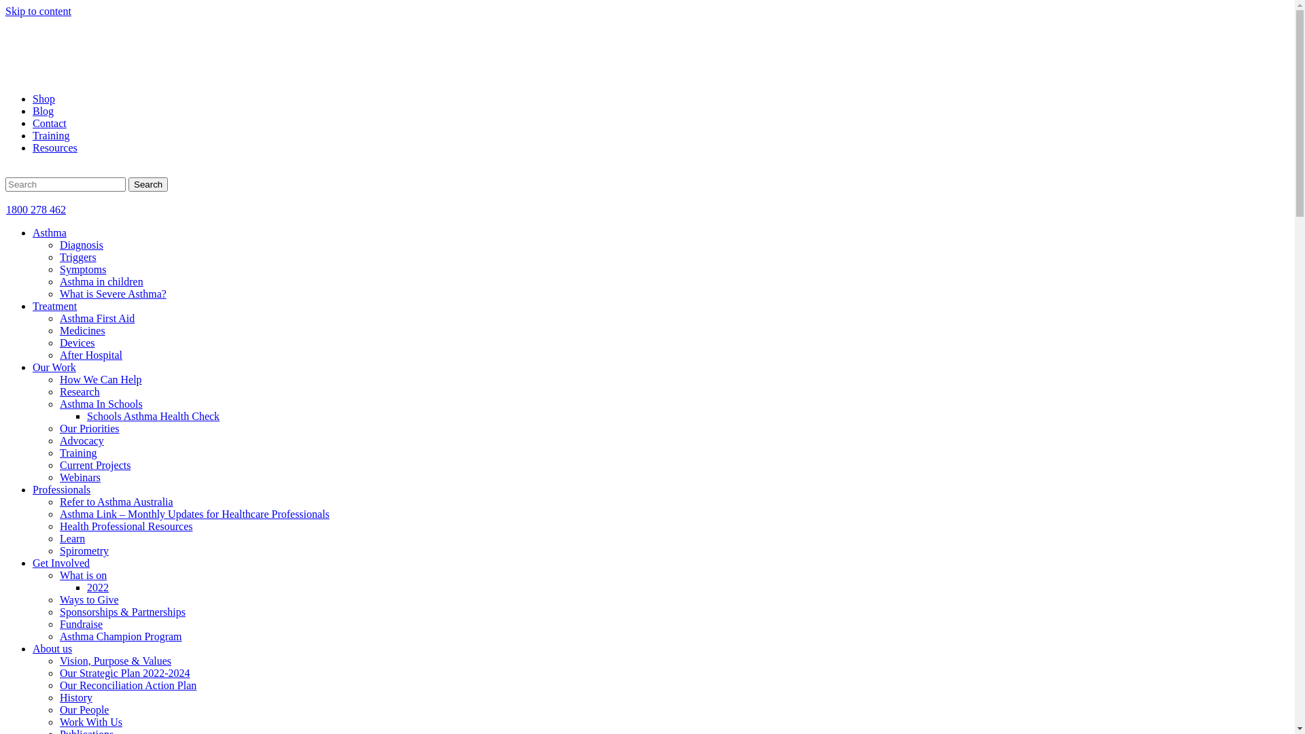 Image resolution: width=1305 pixels, height=734 pixels. What do you see at coordinates (33, 306) in the screenshot?
I see `'Treatment'` at bounding box center [33, 306].